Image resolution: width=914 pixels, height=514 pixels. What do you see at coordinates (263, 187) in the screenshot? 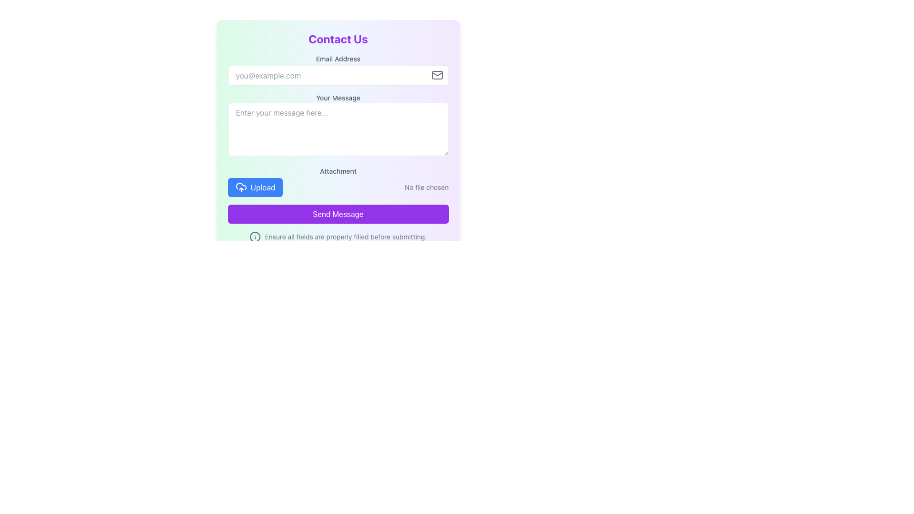
I see `the text label that serves as a description for the upload button located below the 'Attachment' text field and to the right of the upload cloud icon` at bounding box center [263, 187].